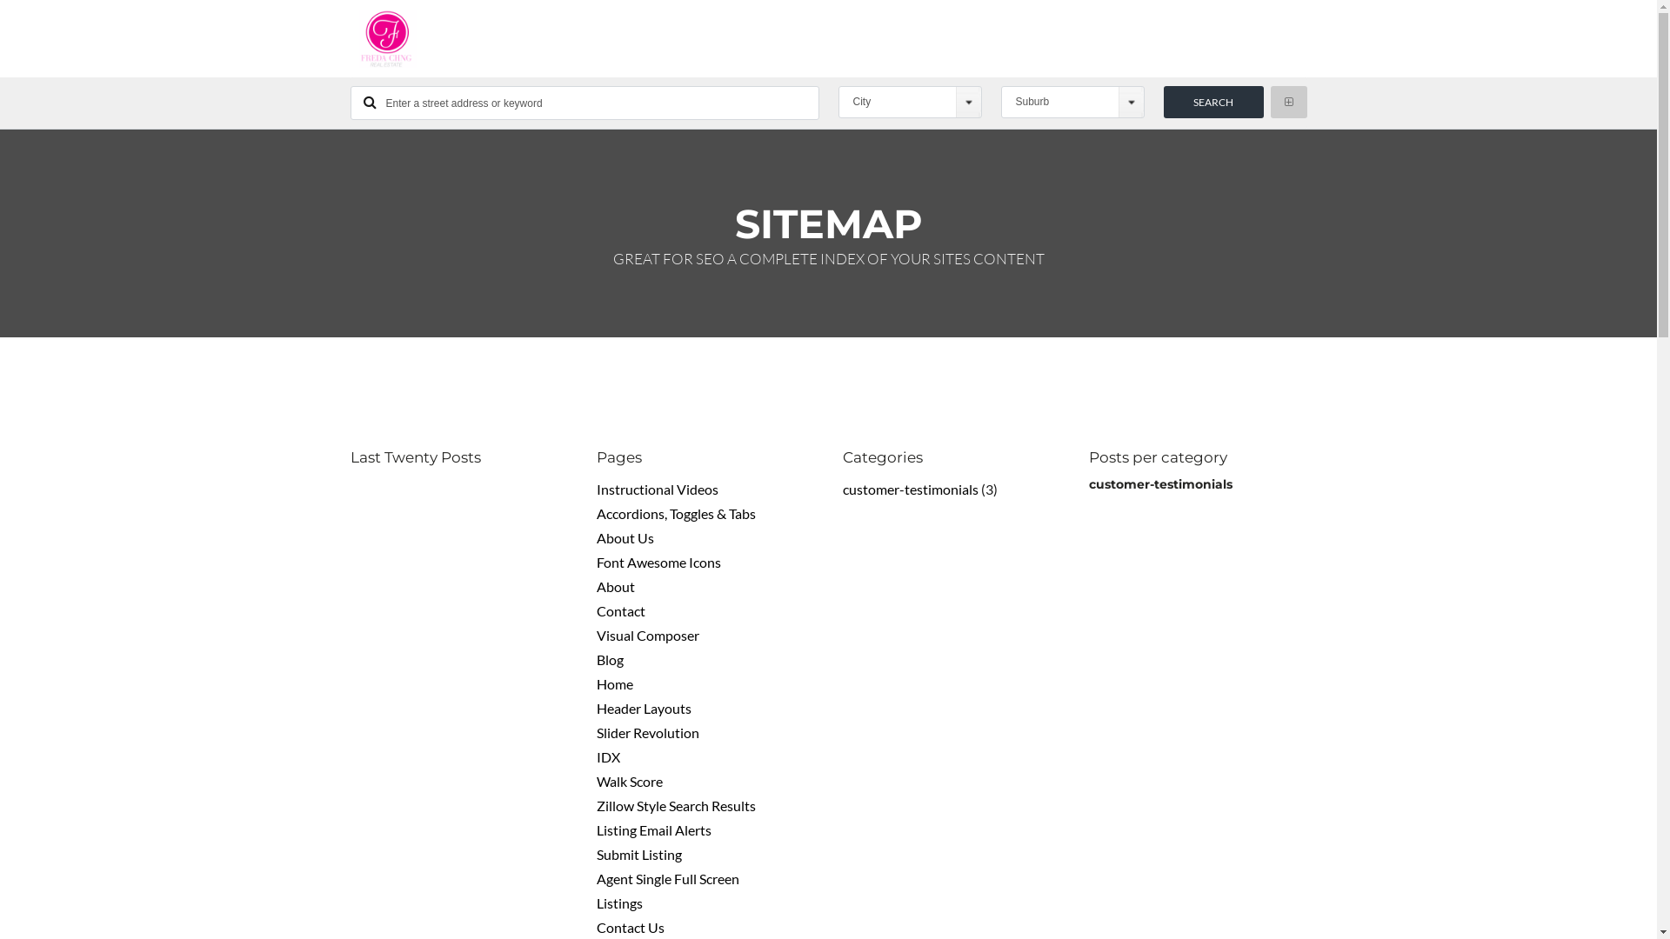  I want to click on 'Accordions, Toggles & Tabs', so click(597, 512).